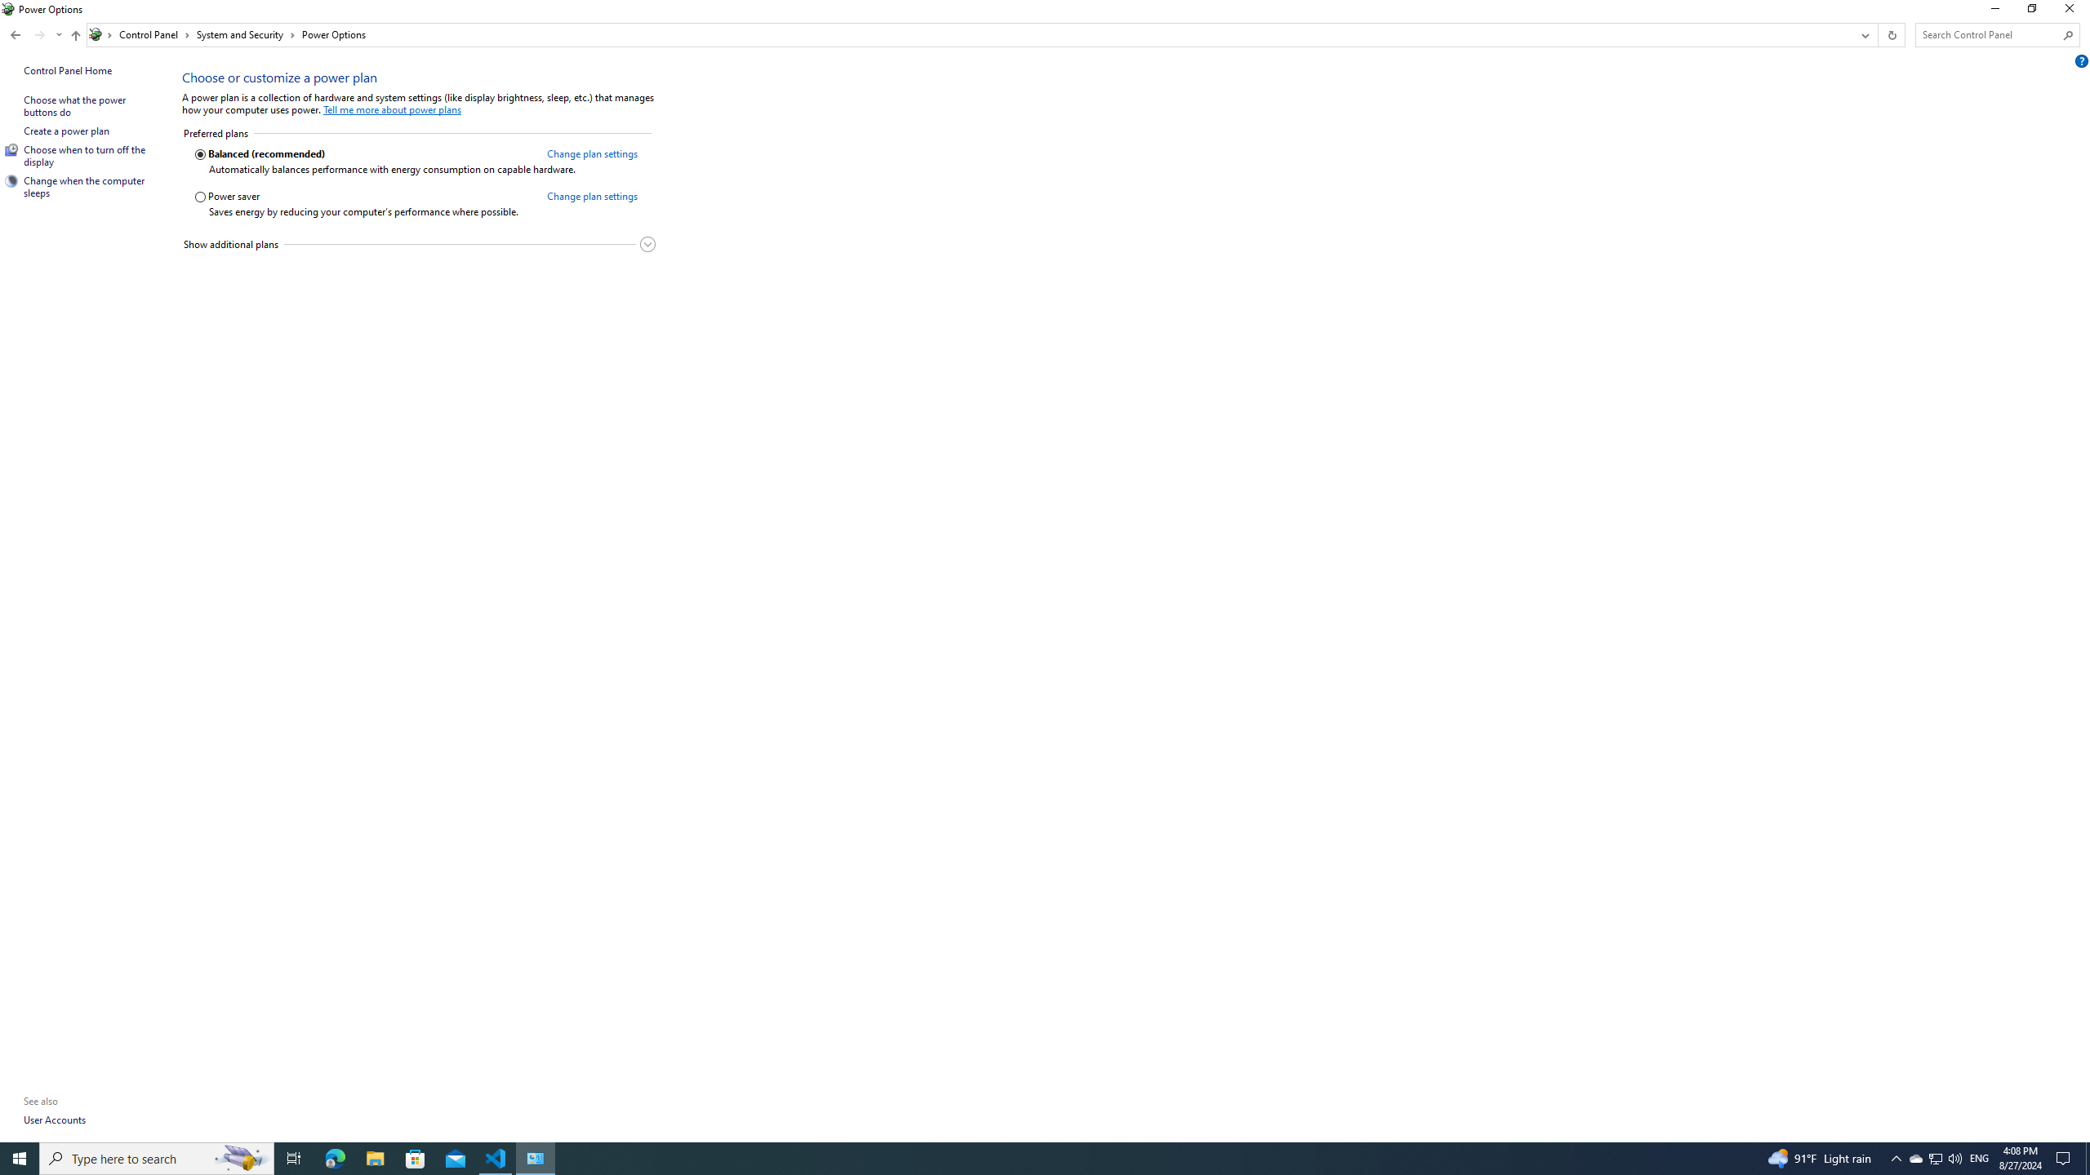 This screenshot has width=2090, height=1175. I want to click on 'Change plan settings for the Balanced (recommended) plan', so click(592, 153).